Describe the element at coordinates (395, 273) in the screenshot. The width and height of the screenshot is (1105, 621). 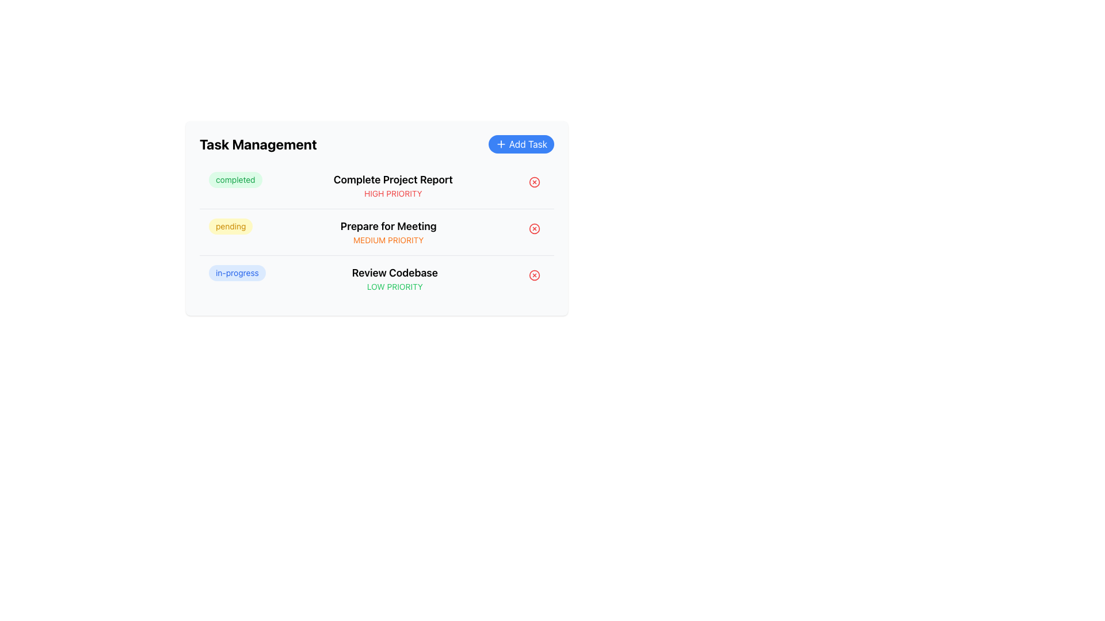
I see `the text label that serves as the title of a task` at that location.